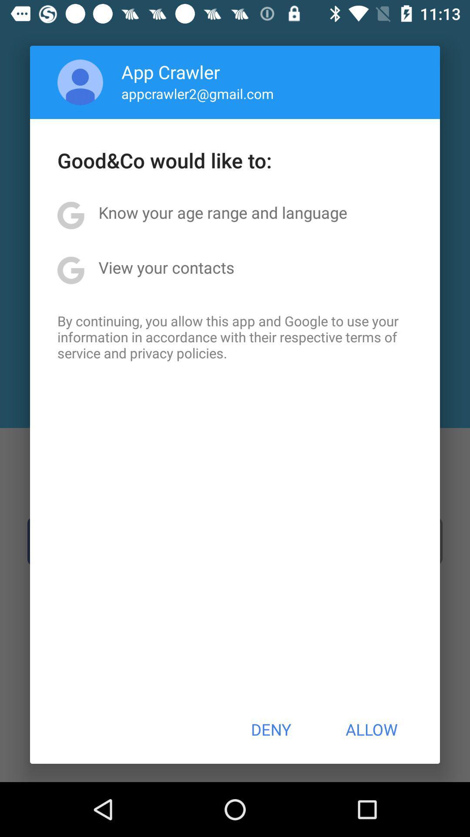 The height and width of the screenshot is (837, 470). I want to click on the item at the bottom, so click(270, 729).